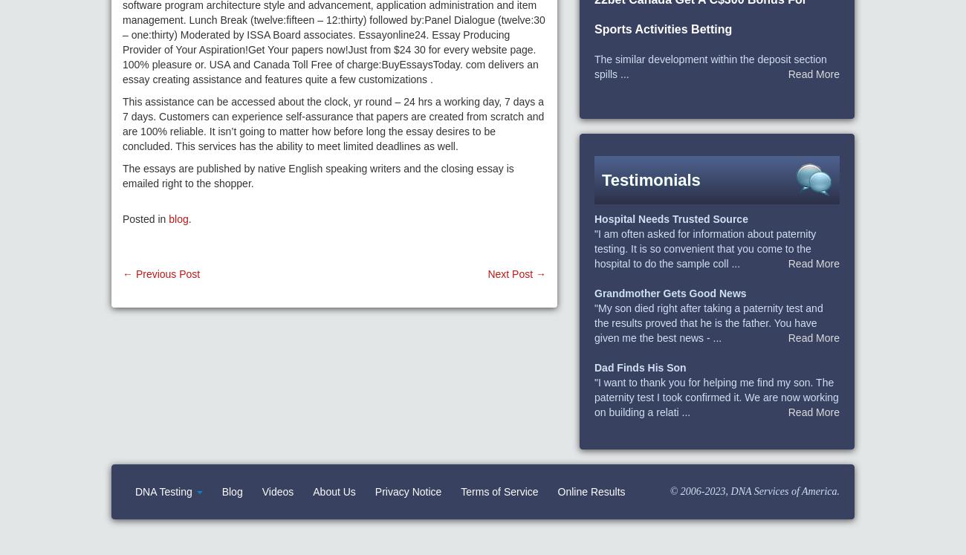 This screenshot has height=555, width=966. What do you see at coordinates (753, 490) in the screenshot?
I see `'© 2006-2023, DNA Services of America.'` at bounding box center [753, 490].